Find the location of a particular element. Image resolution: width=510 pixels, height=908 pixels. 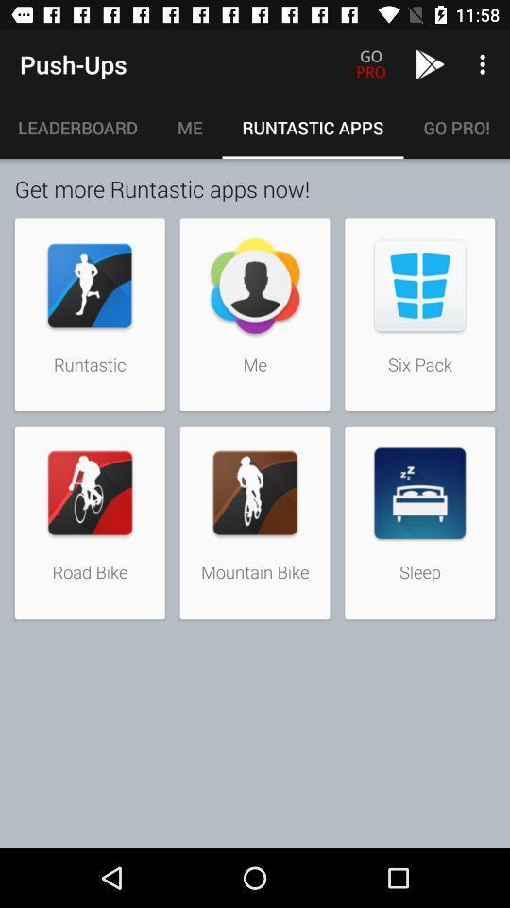

the icon next to the me is located at coordinates (77, 127).